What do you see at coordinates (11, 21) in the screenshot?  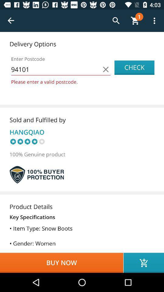 I see `click arrow button` at bounding box center [11, 21].